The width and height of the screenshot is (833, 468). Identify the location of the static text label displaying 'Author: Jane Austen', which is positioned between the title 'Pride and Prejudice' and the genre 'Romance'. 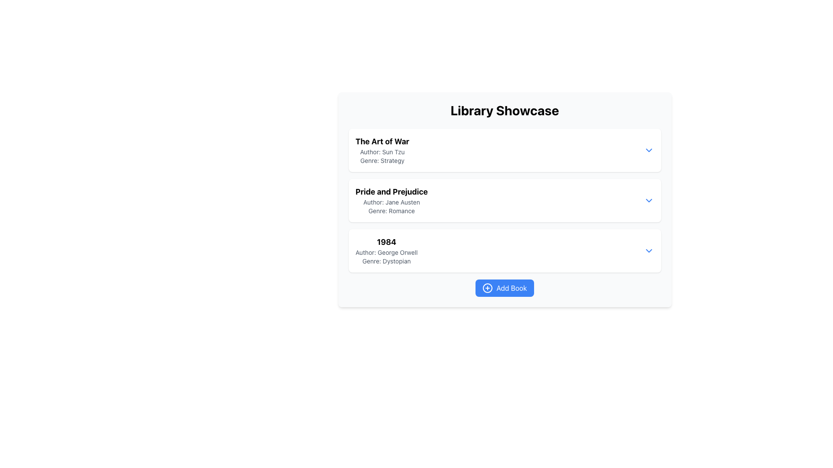
(391, 202).